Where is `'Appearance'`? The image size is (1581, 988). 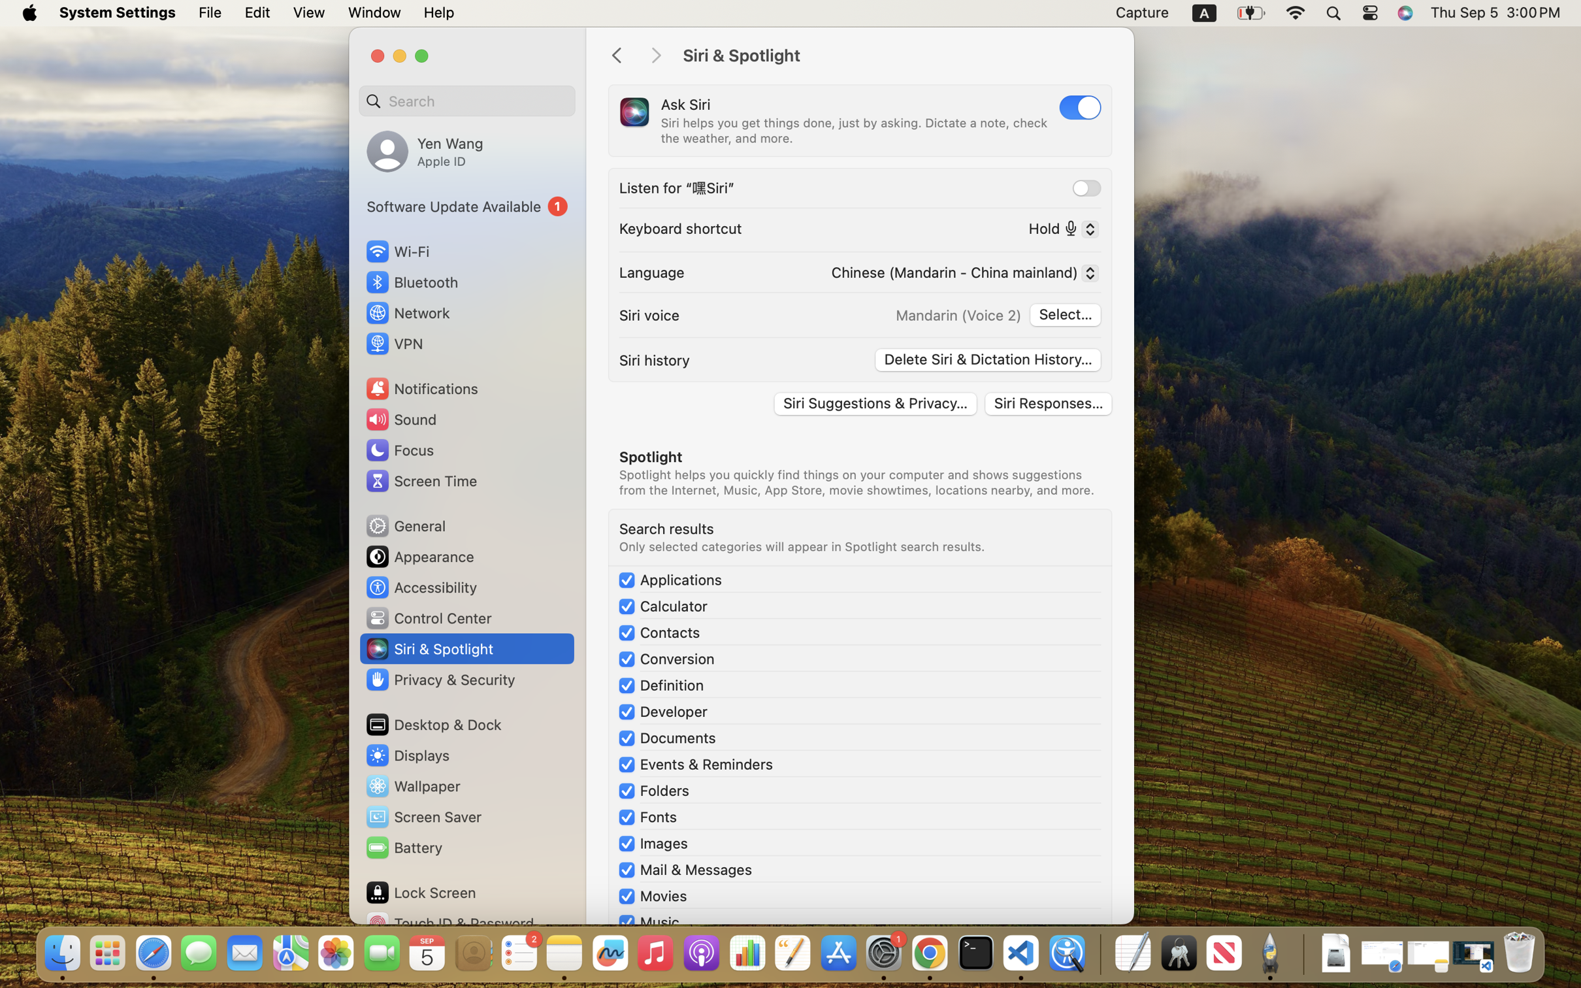 'Appearance' is located at coordinates (419, 556).